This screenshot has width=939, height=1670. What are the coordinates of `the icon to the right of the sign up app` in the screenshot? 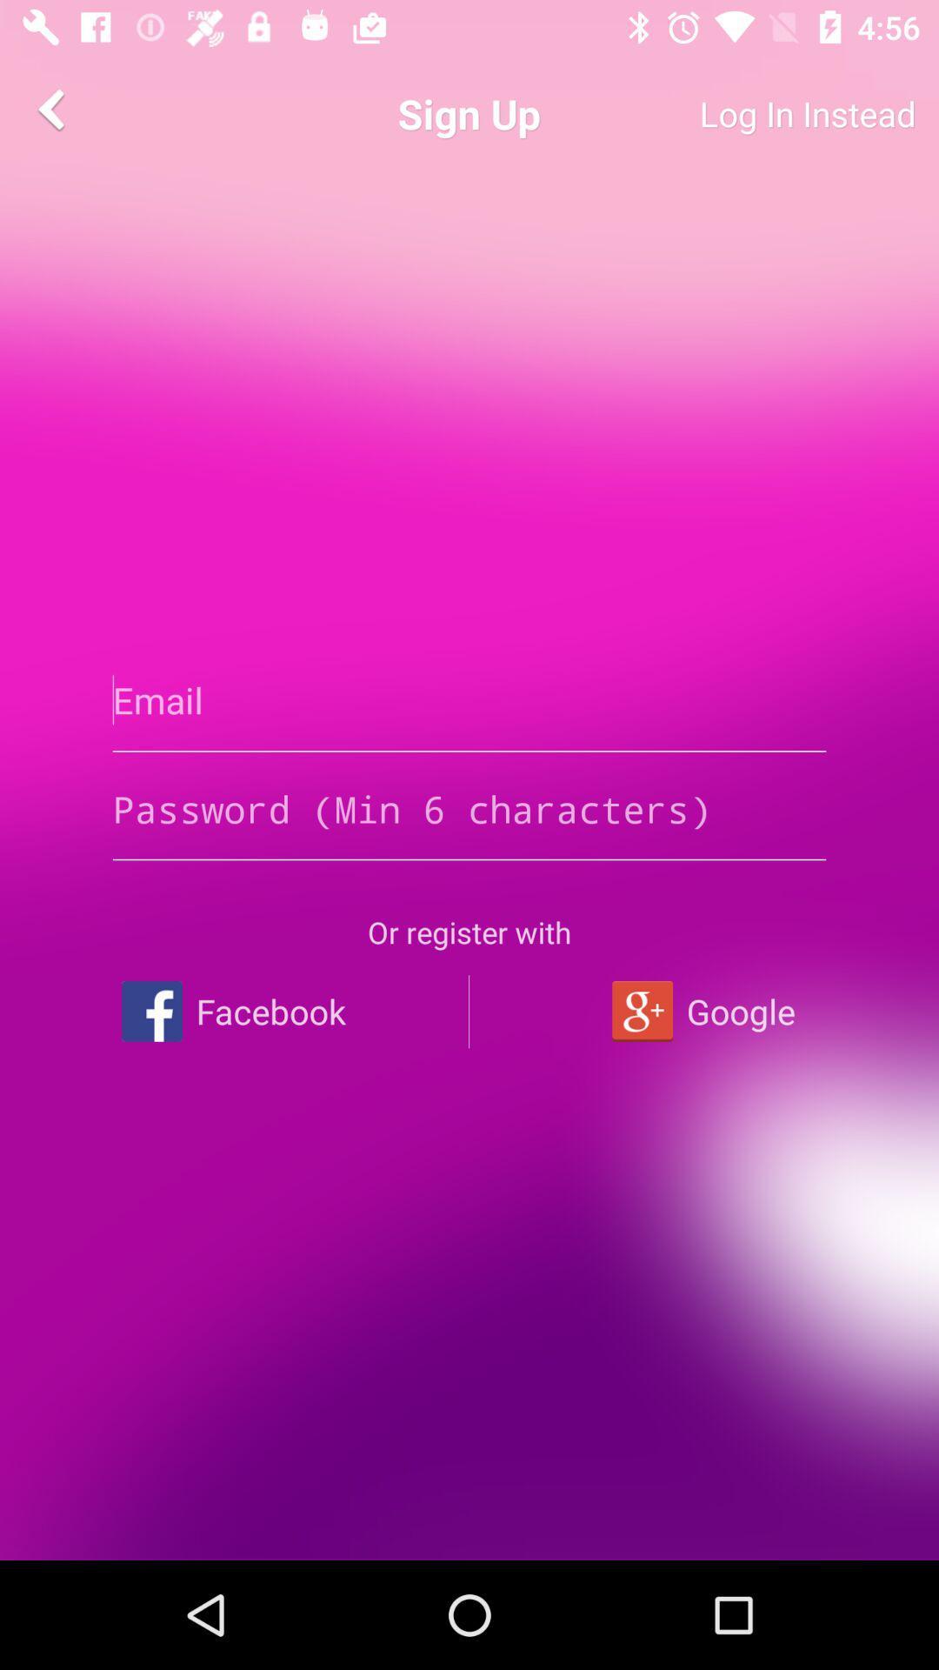 It's located at (743, 113).